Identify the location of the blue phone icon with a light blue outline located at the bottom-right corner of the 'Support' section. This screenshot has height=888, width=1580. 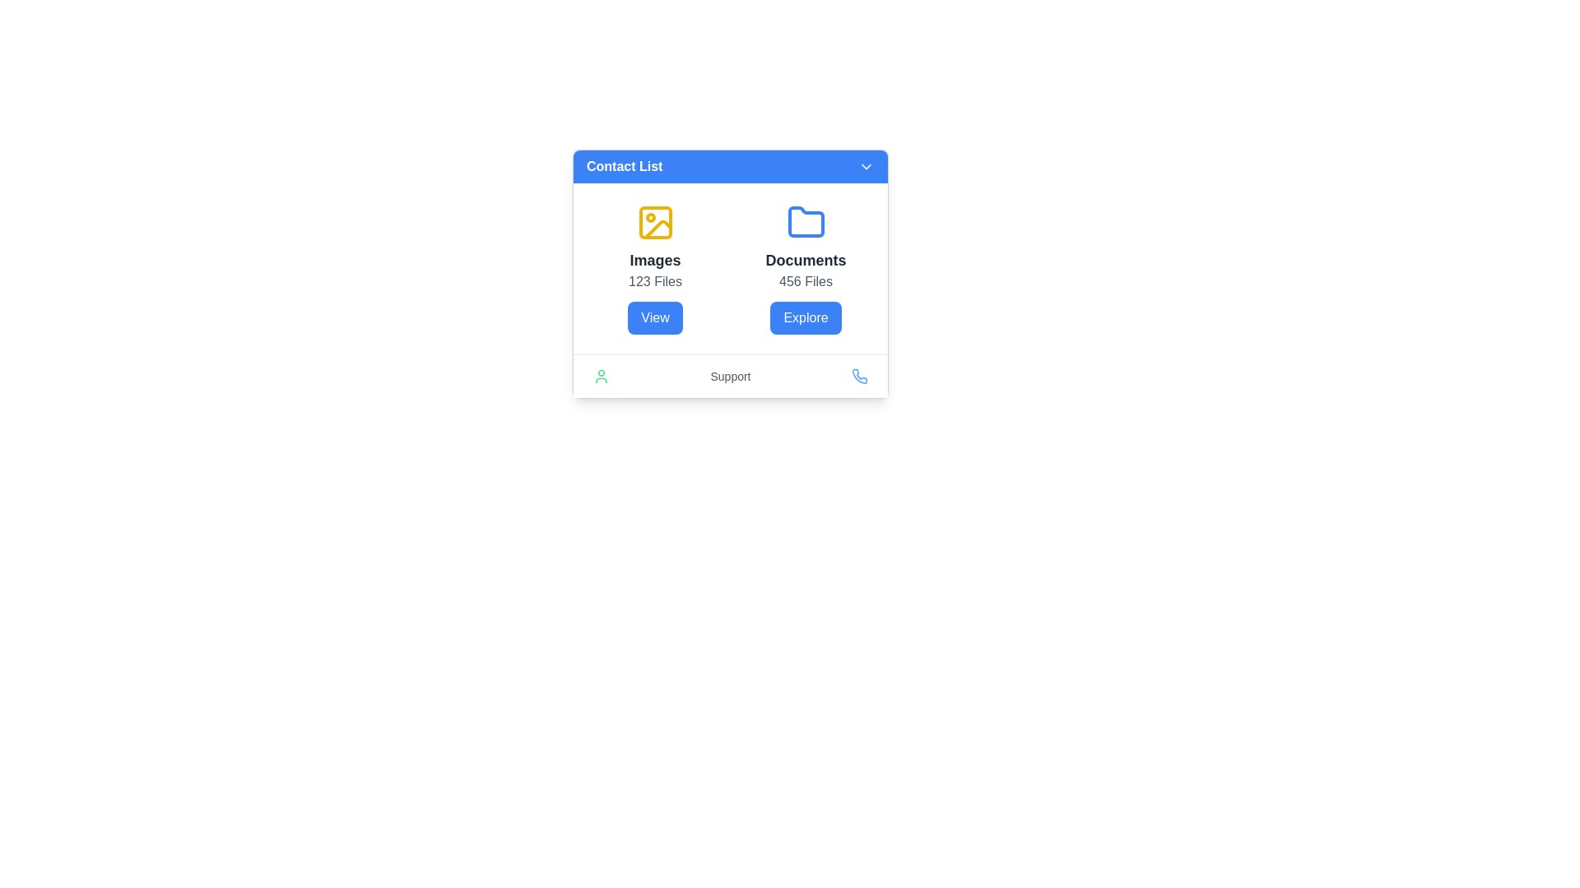
(859, 377).